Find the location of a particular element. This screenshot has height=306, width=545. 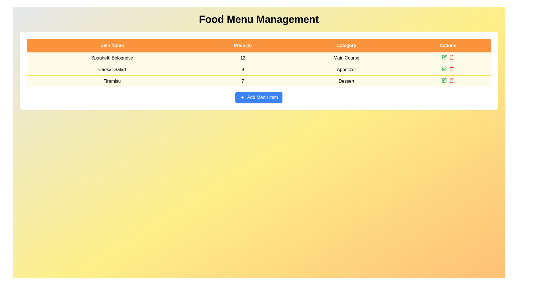

the edit action icon in the 'Dessert' row of the table, located in the 'Actions' column, which is the first icon in that row is located at coordinates (444, 57).